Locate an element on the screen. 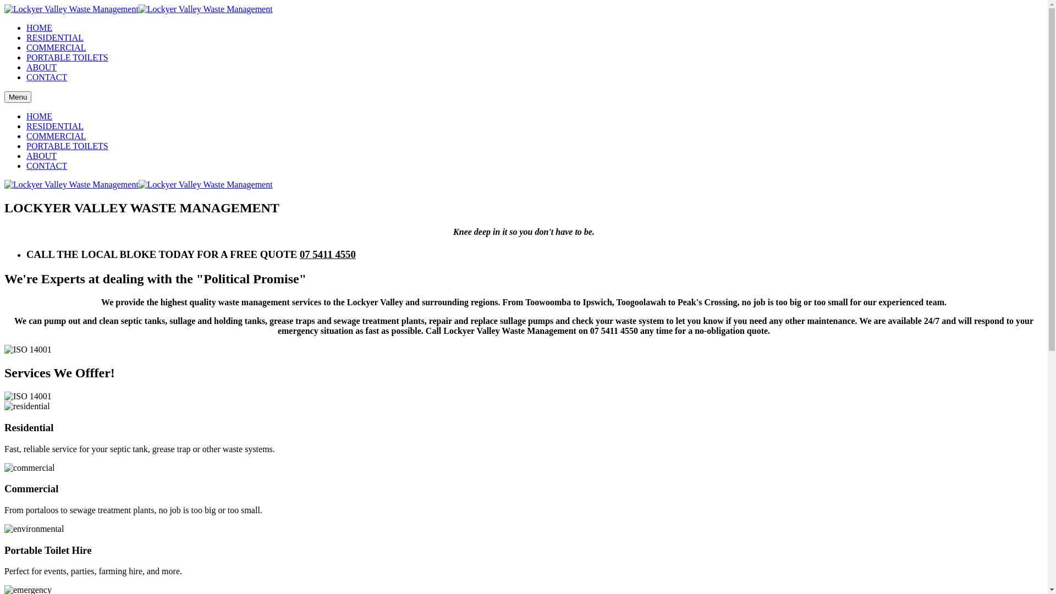 The width and height of the screenshot is (1056, 594). 'CONTACT' is located at coordinates (46, 76).